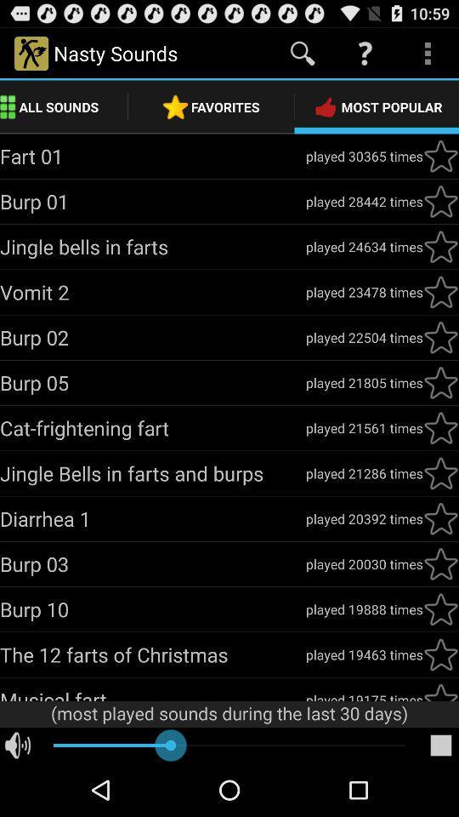 Image resolution: width=459 pixels, height=817 pixels. Describe the element at coordinates (363, 517) in the screenshot. I see `the icon next to diarrhea 1 item` at that location.